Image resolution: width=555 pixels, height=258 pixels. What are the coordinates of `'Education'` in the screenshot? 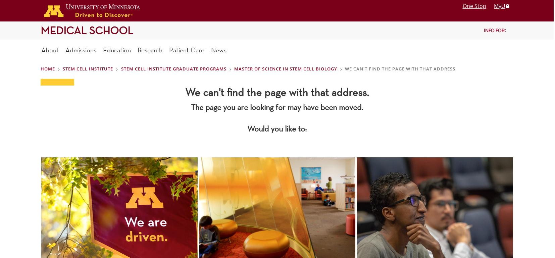 It's located at (116, 49).